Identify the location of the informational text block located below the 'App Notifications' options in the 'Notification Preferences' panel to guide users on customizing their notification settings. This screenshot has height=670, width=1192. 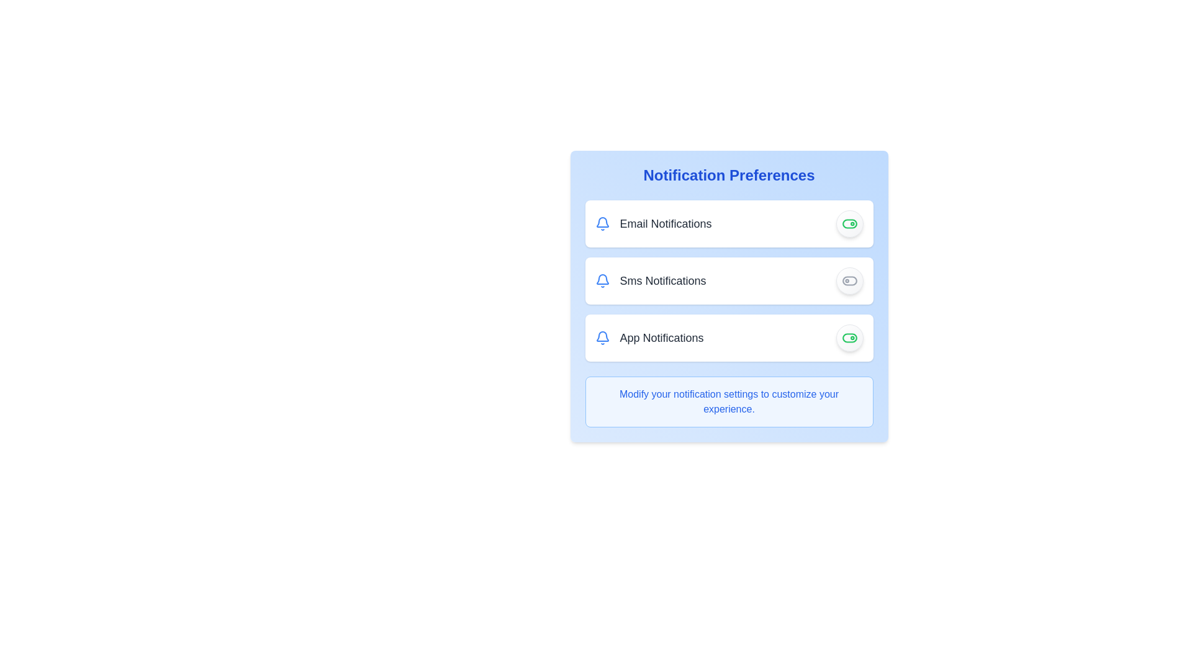
(729, 402).